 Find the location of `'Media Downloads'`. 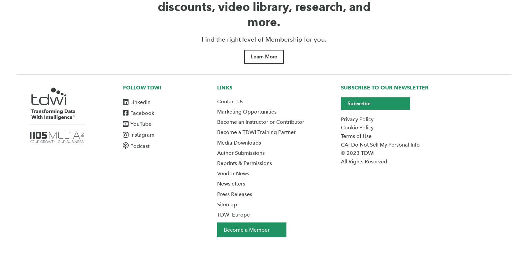

'Media Downloads' is located at coordinates (239, 142).